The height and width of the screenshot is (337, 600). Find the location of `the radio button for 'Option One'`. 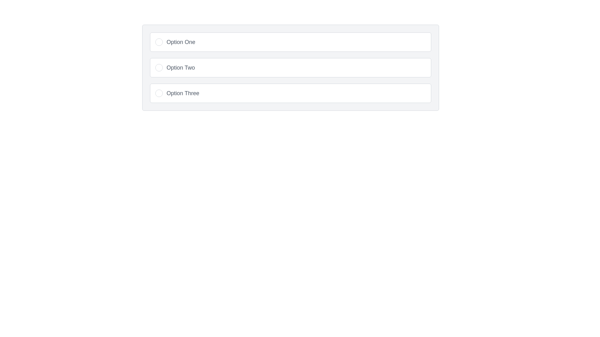

the radio button for 'Option One' is located at coordinates (159, 42).